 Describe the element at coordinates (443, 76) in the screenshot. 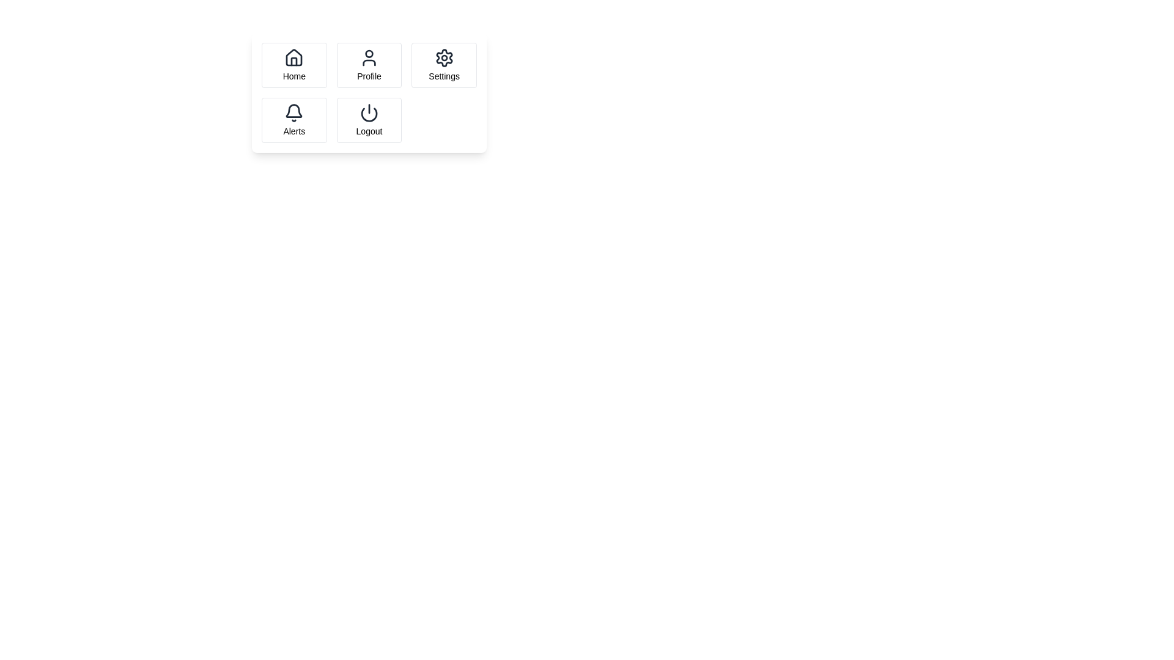

I see `the Text label that describes the functionality of the settings block, located below the gear icon in the fourth block of the top row of the settings grid` at that location.